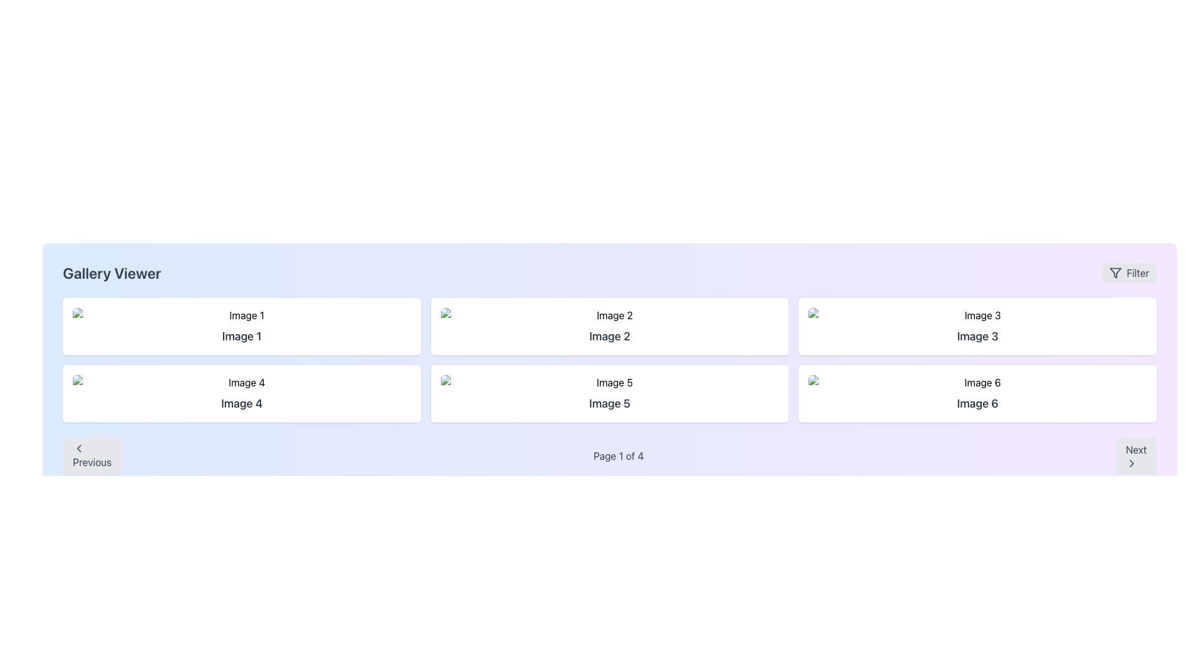  What do you see at coordinates (610, 403) in the screenshot?
I see `the Text label styled as a bold title with the text 'Image 5', located below the placeholder image in the fifth card of a grid` at bounding box center [610, 403].